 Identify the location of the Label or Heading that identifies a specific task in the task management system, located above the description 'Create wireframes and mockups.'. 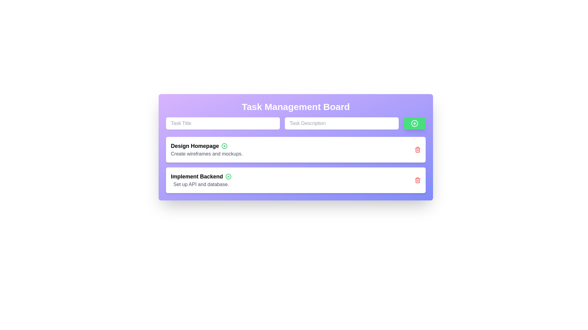
(207, 146).